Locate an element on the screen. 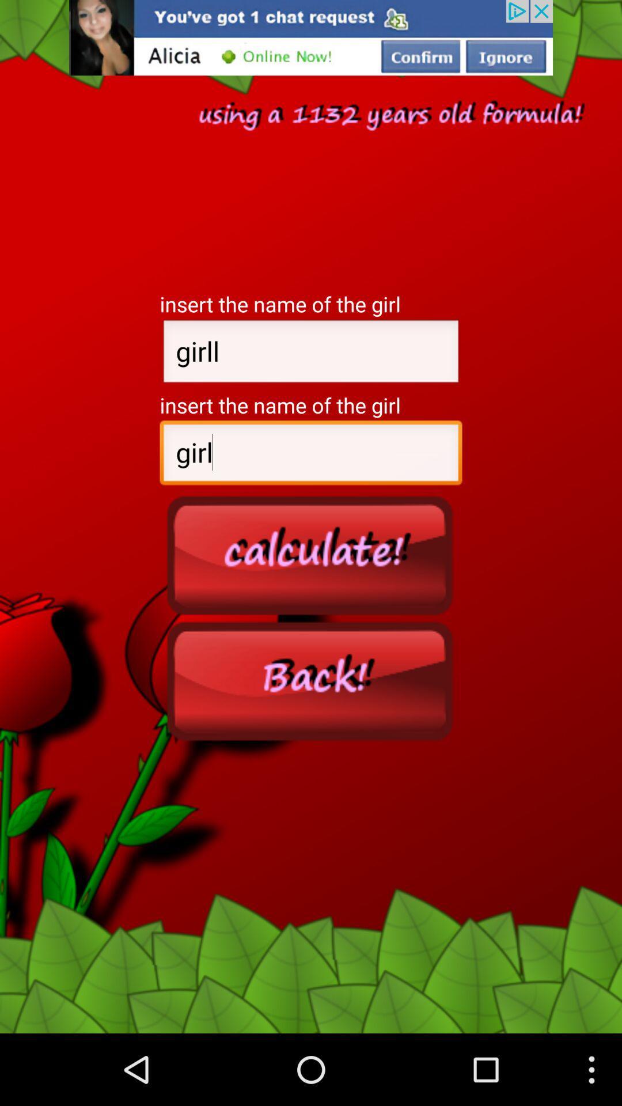 This screenshot has width=622, height=1106. advertisement for chatting app is located at coordinates (311, 37).